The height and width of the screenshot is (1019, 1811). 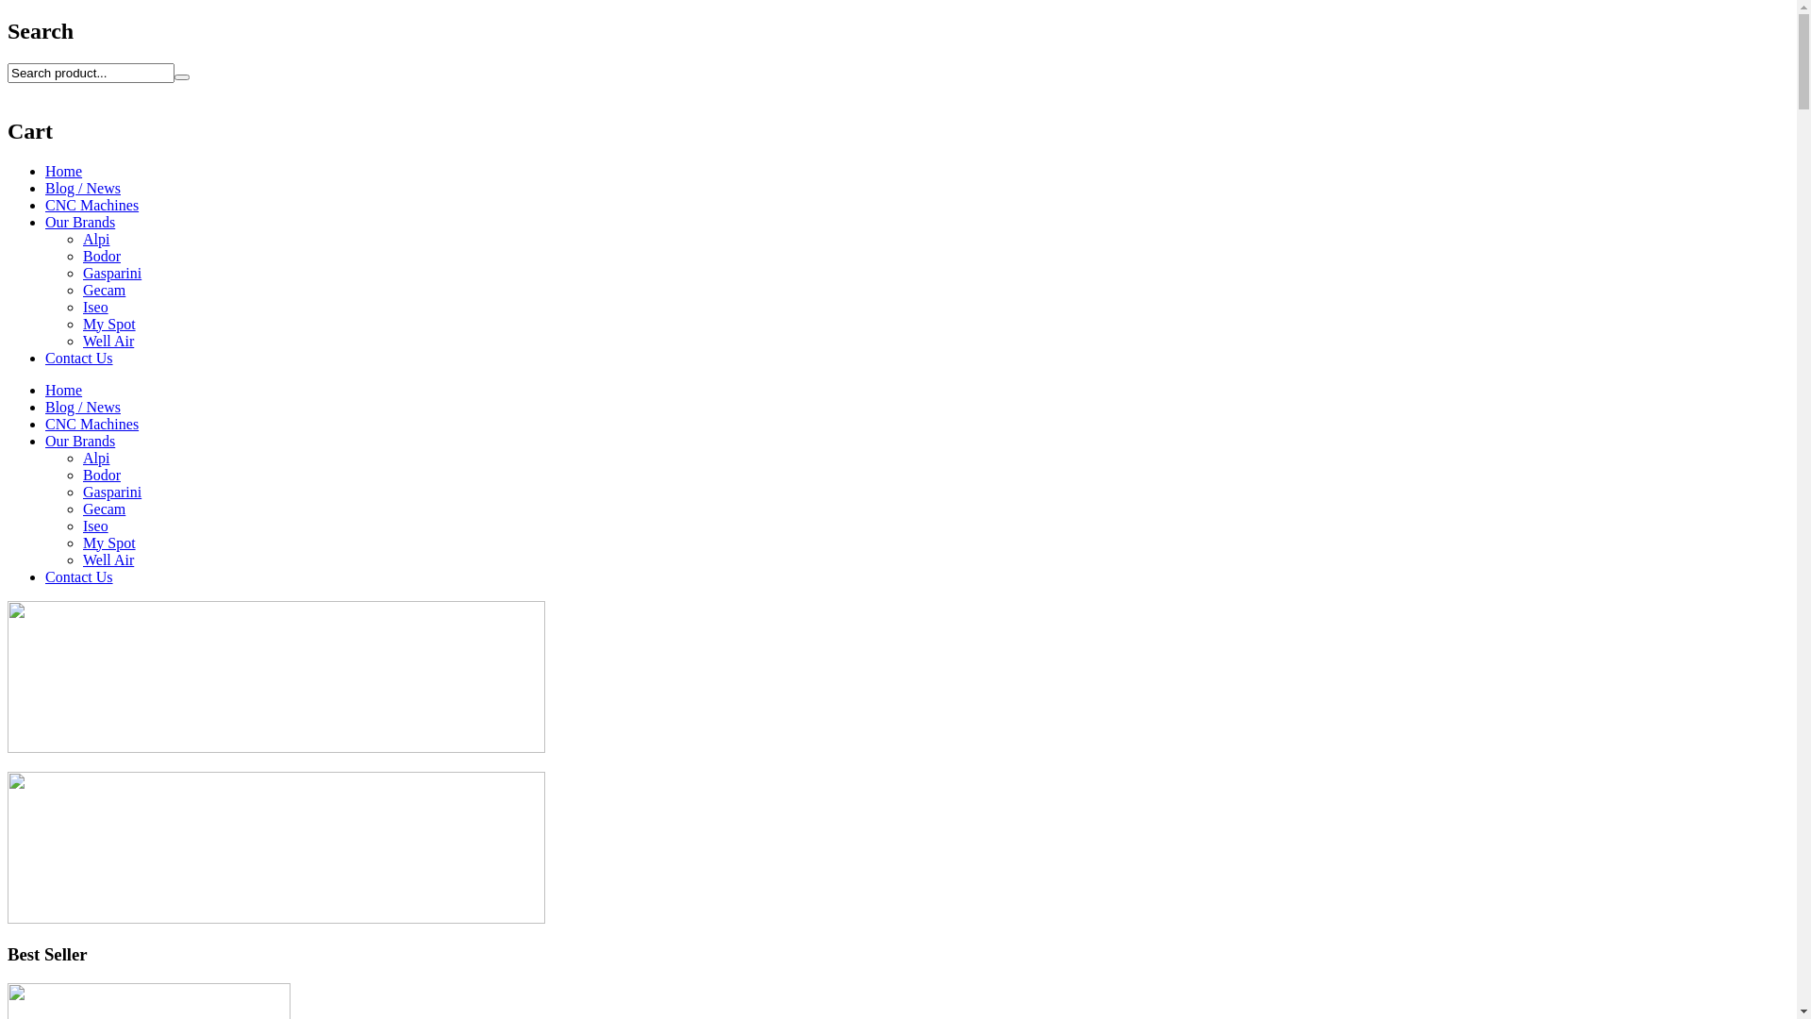 What do you see at coordinates (81, 238) in the screenshot?
I see `'Alpi'` at bounding box center [81, 238].